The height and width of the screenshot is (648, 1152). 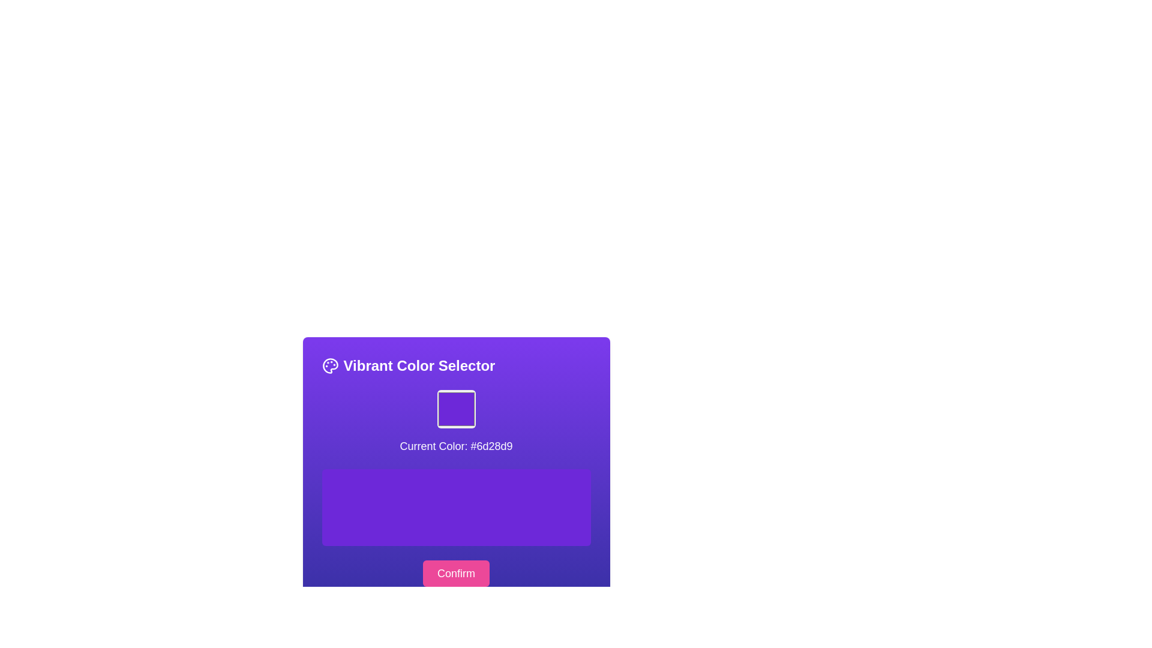 What do you see at coordinates (455, 409) in the screenshot?
I see `the Color Preview Box` at bounding box center [455, 409].